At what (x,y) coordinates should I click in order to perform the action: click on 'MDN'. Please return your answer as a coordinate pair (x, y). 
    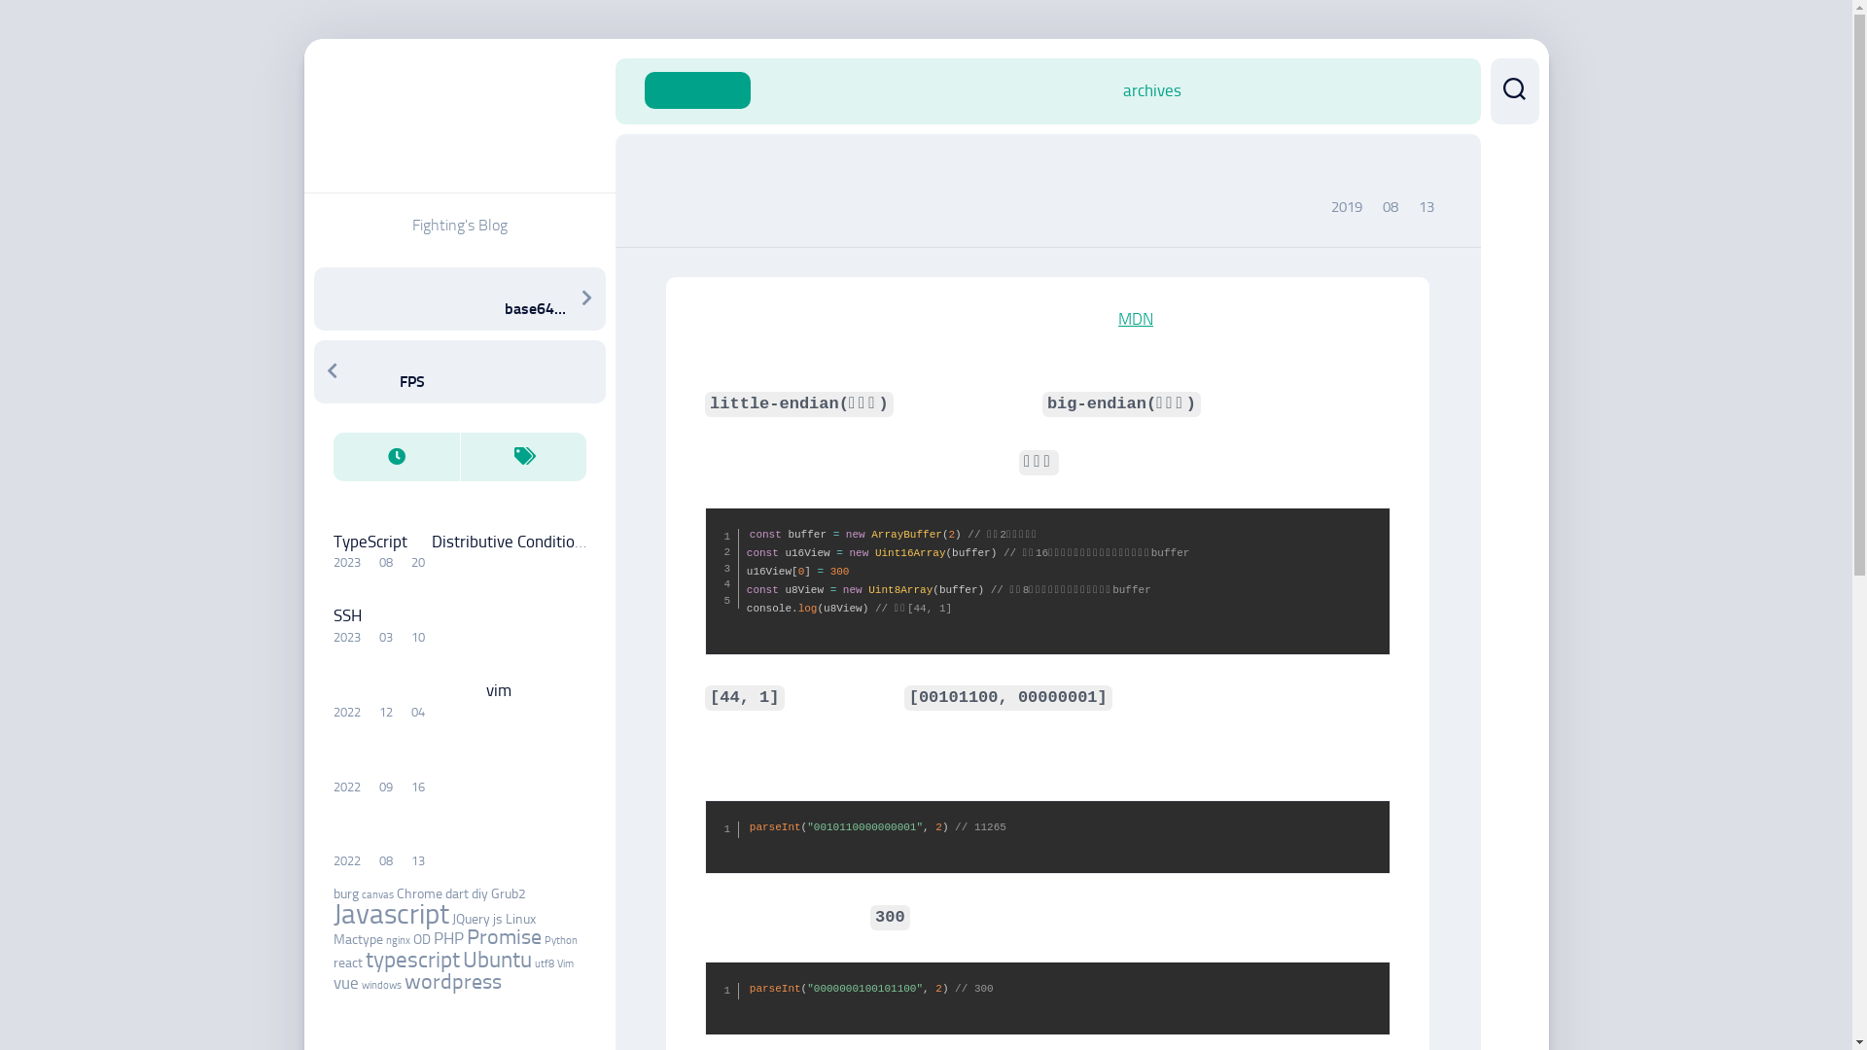
    Looking at the image, I should click on (1135, 317).